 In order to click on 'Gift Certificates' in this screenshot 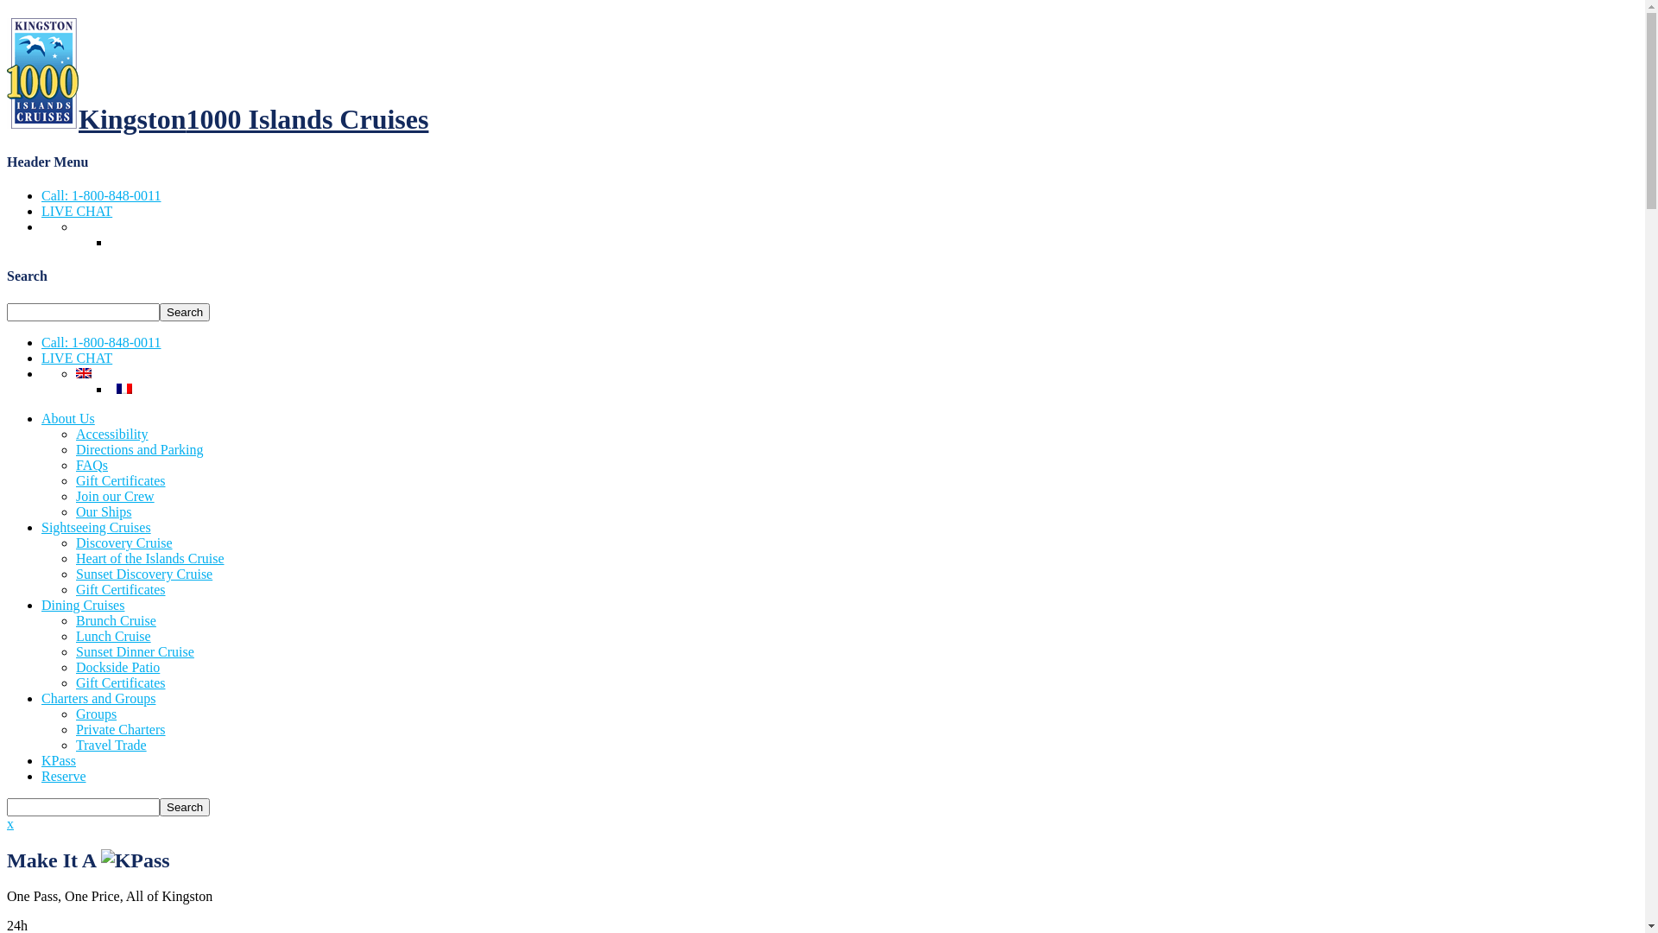, I will do `click(119, 682)`.